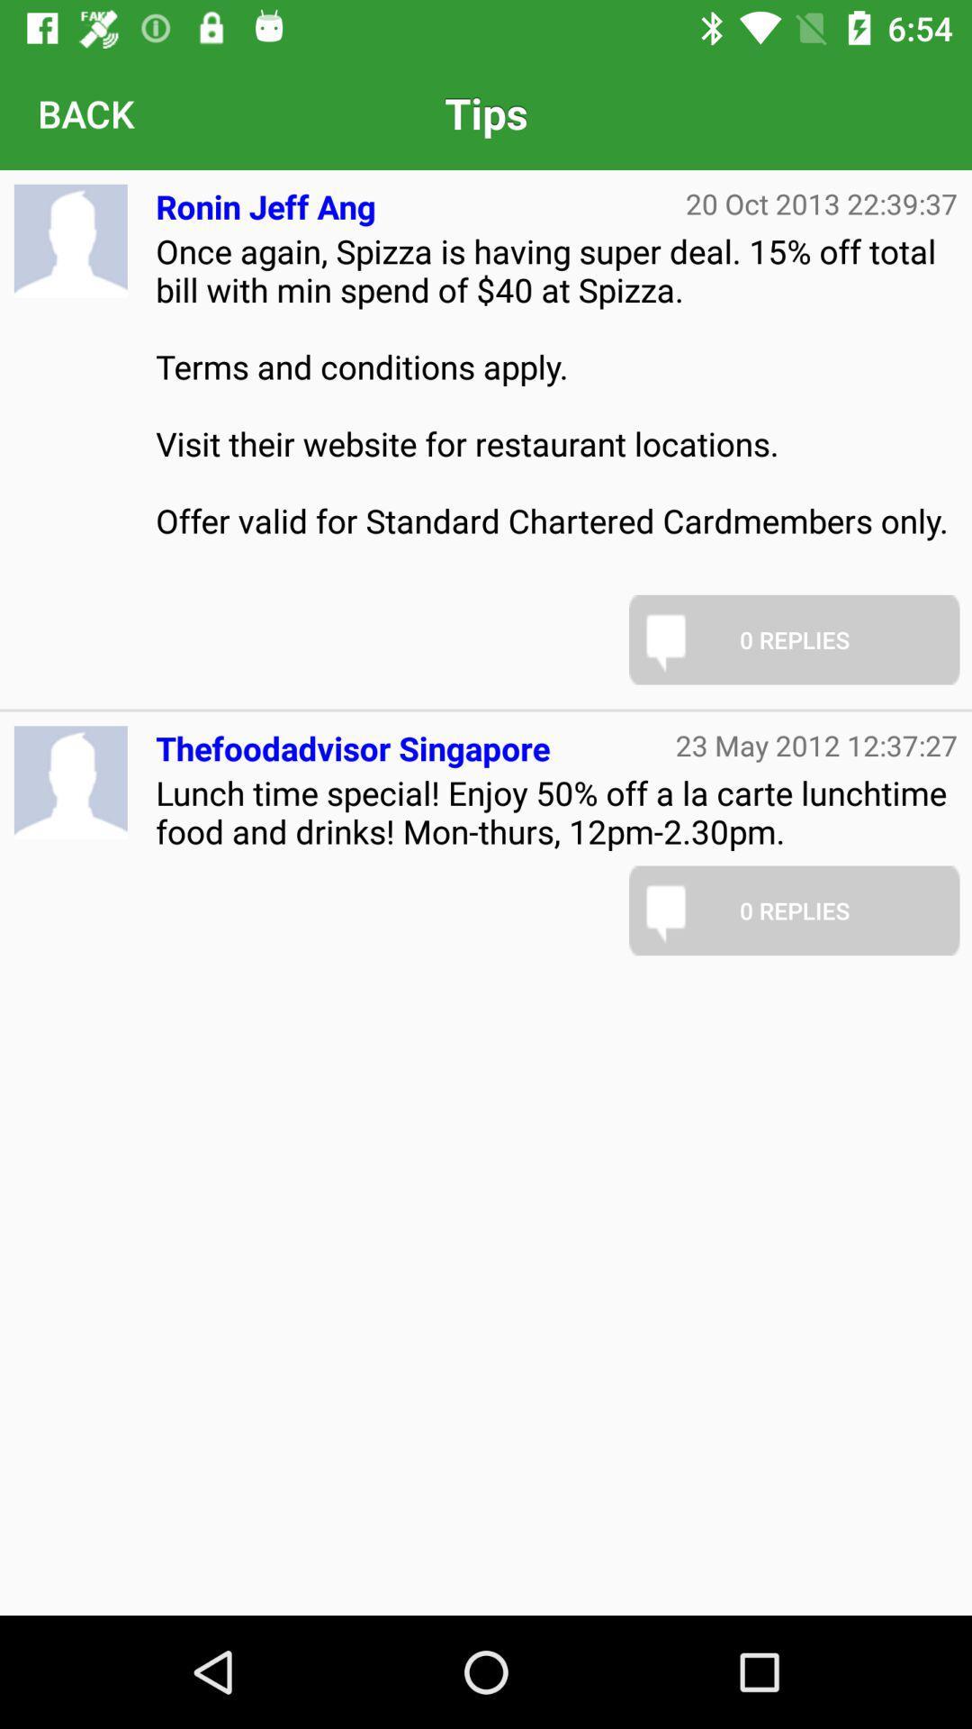  I want to click on the item below tips item, so click(265, 199).